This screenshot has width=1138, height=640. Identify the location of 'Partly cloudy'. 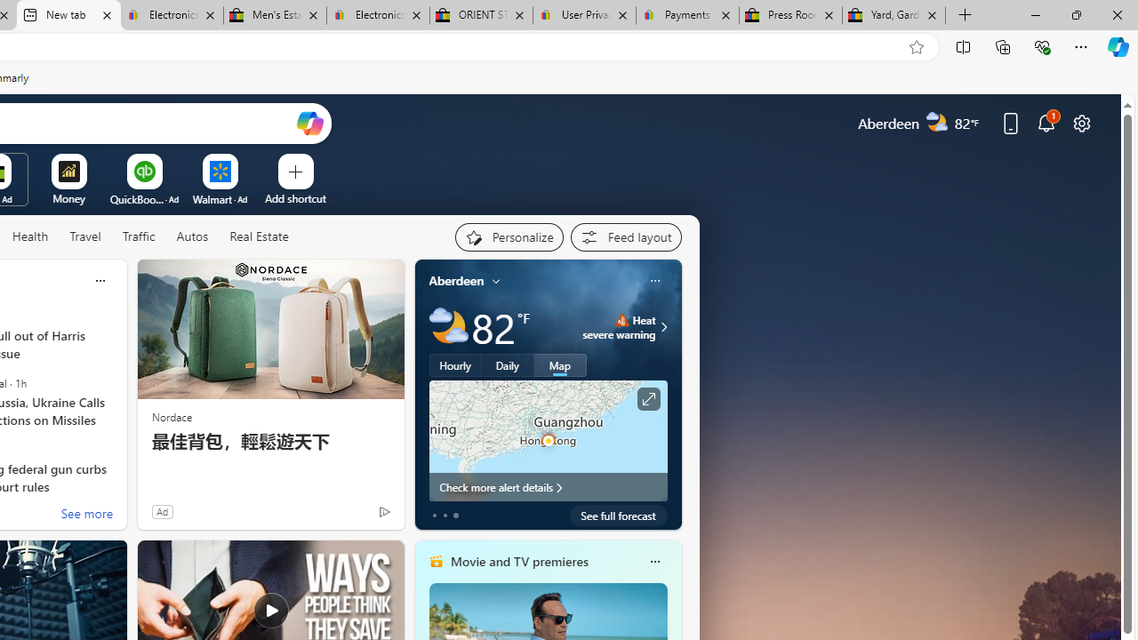
(448, 327).